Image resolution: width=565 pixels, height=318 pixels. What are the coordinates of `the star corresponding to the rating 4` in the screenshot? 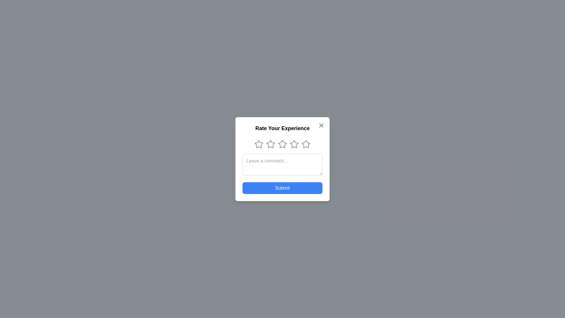 It's located at (294, 144).